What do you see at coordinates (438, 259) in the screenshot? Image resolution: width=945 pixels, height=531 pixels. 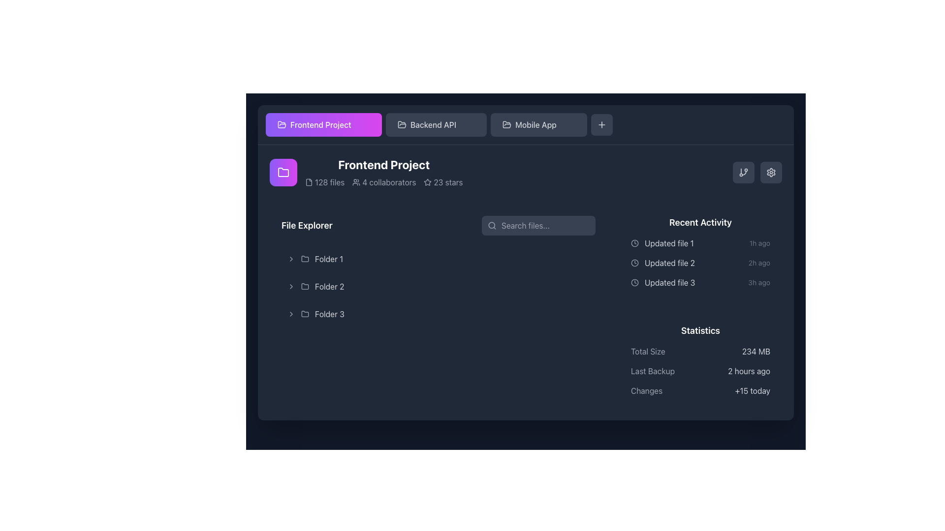 I see `the folder named 'Folder 1'` at bounding box center [438, 259].